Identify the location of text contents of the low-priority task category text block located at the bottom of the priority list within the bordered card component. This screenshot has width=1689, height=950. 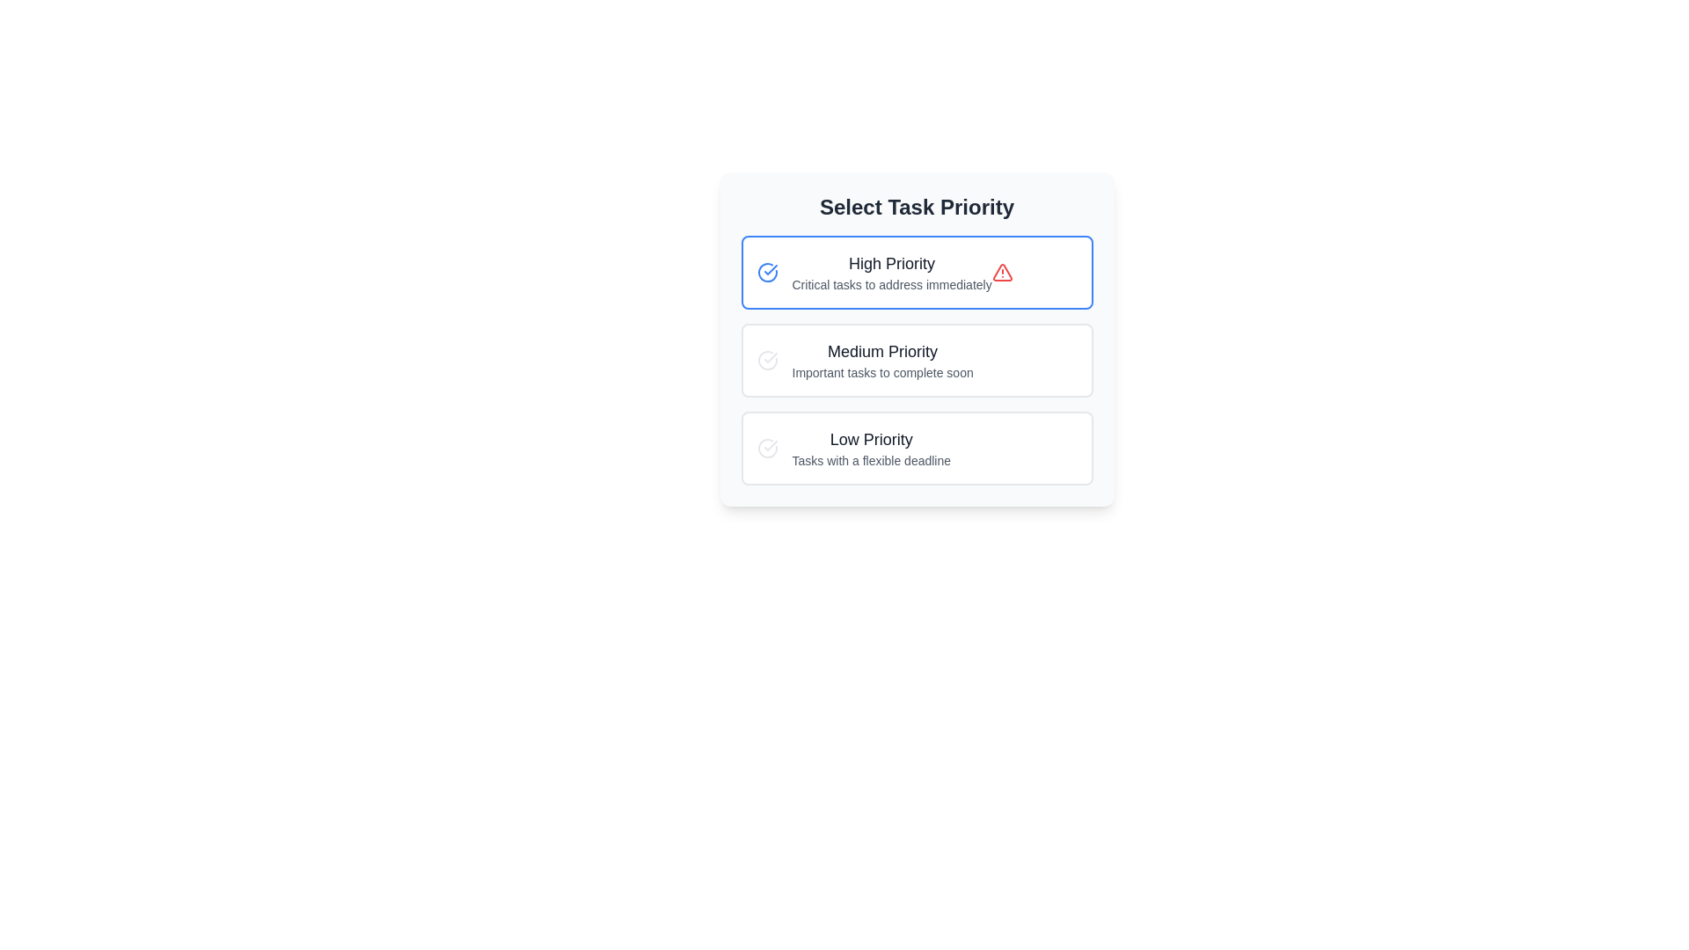
(871, 447).